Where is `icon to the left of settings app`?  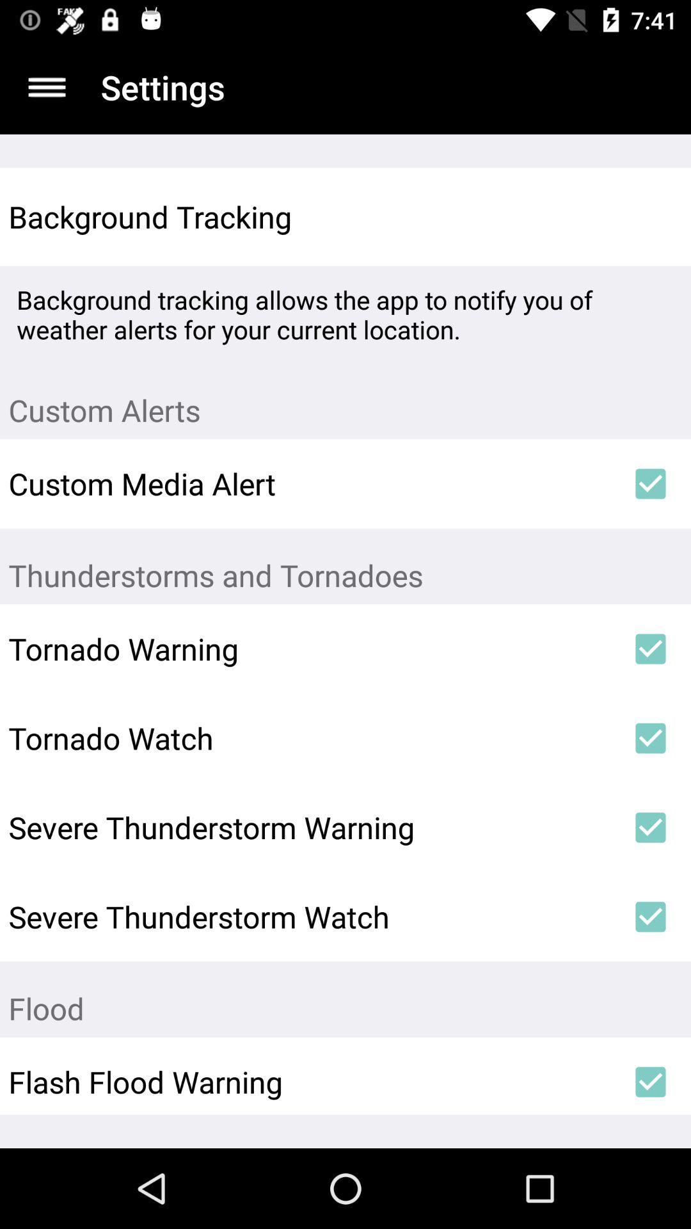
icon to the left of settings app is located at coordinates (46, 86).